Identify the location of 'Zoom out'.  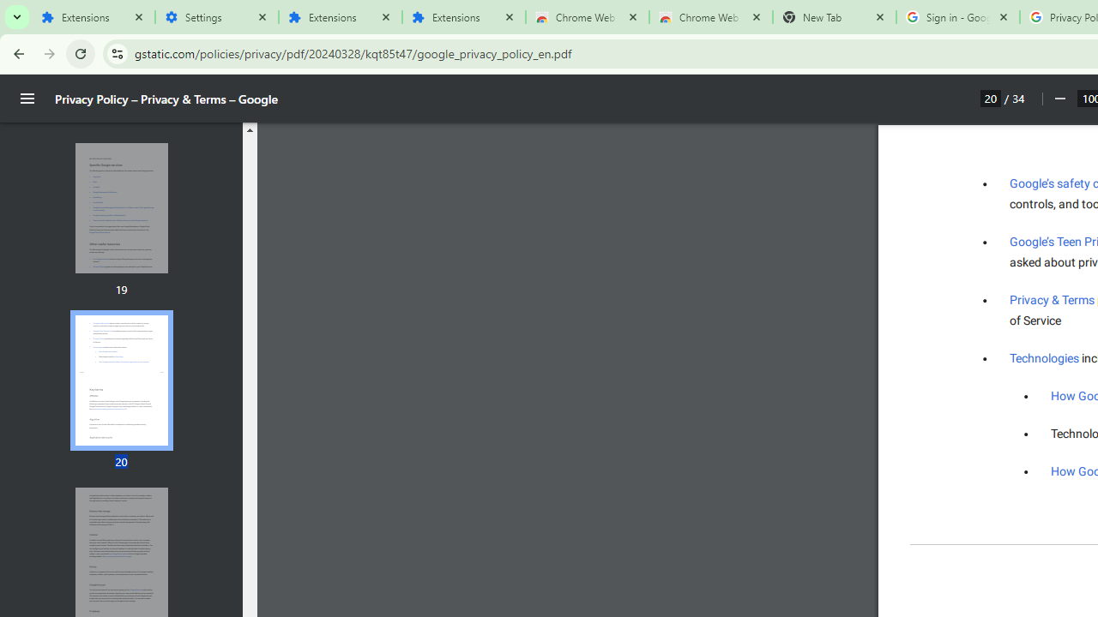
(1059, 99).